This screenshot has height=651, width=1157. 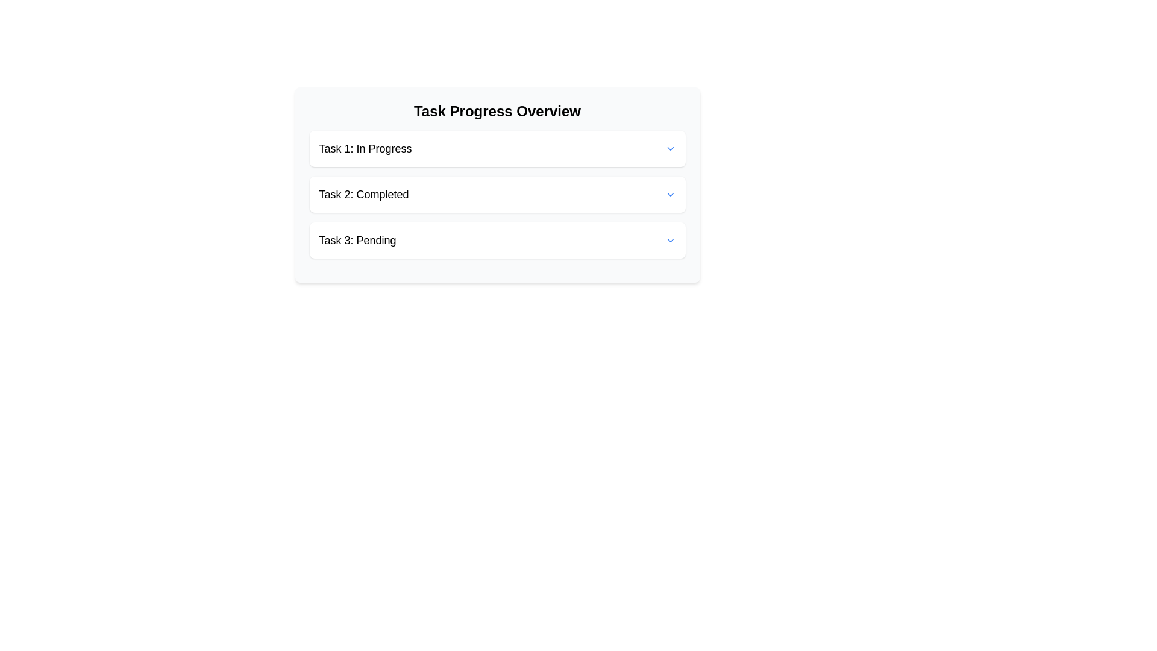 What do you see at coordinates (669, 194) in the screenshot?
I see `the blue downward arrow dropdown indicator/icon located at the far right of the 'Task 2: Completed' row` at bounding box center [669, 194].